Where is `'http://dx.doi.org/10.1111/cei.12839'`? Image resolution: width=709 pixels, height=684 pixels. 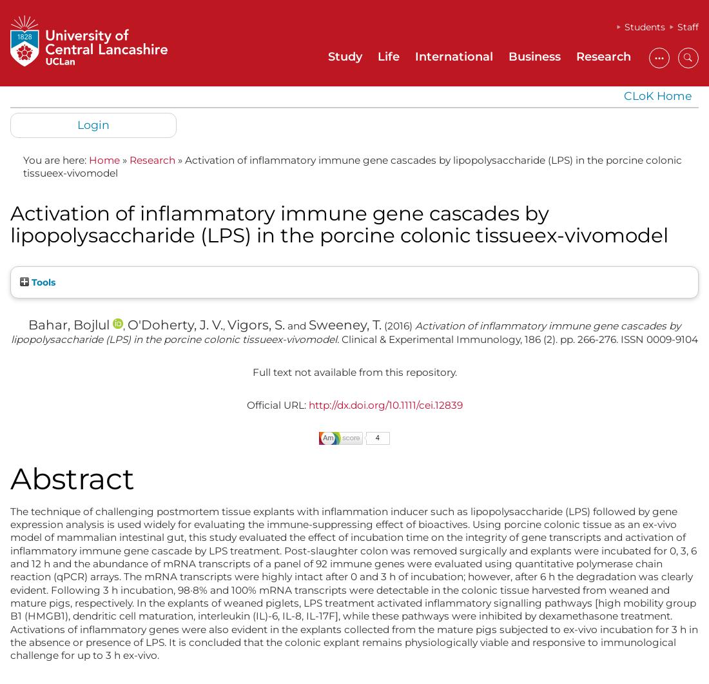
'http://dx.doi.org/10.1111/cei.12839' is located at coordinates (384, 404).